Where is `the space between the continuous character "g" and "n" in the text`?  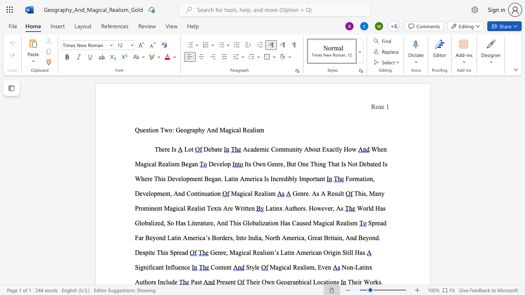
the space between the continuous character "g" and "n" in the text is located at coordinates (144, 267).